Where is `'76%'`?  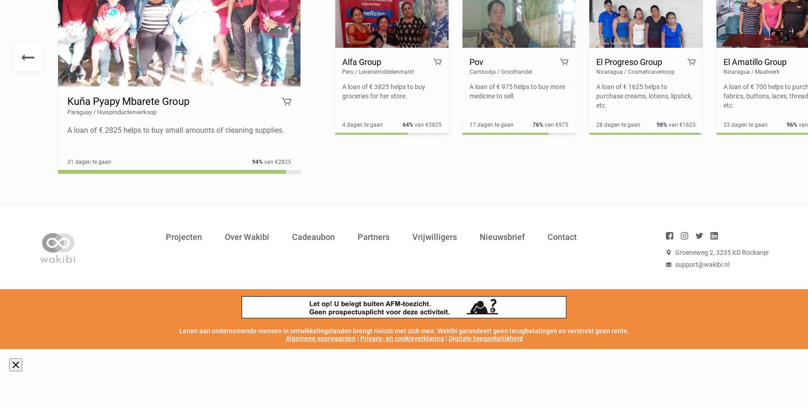
'76%' is located at coordinates (538, 124).